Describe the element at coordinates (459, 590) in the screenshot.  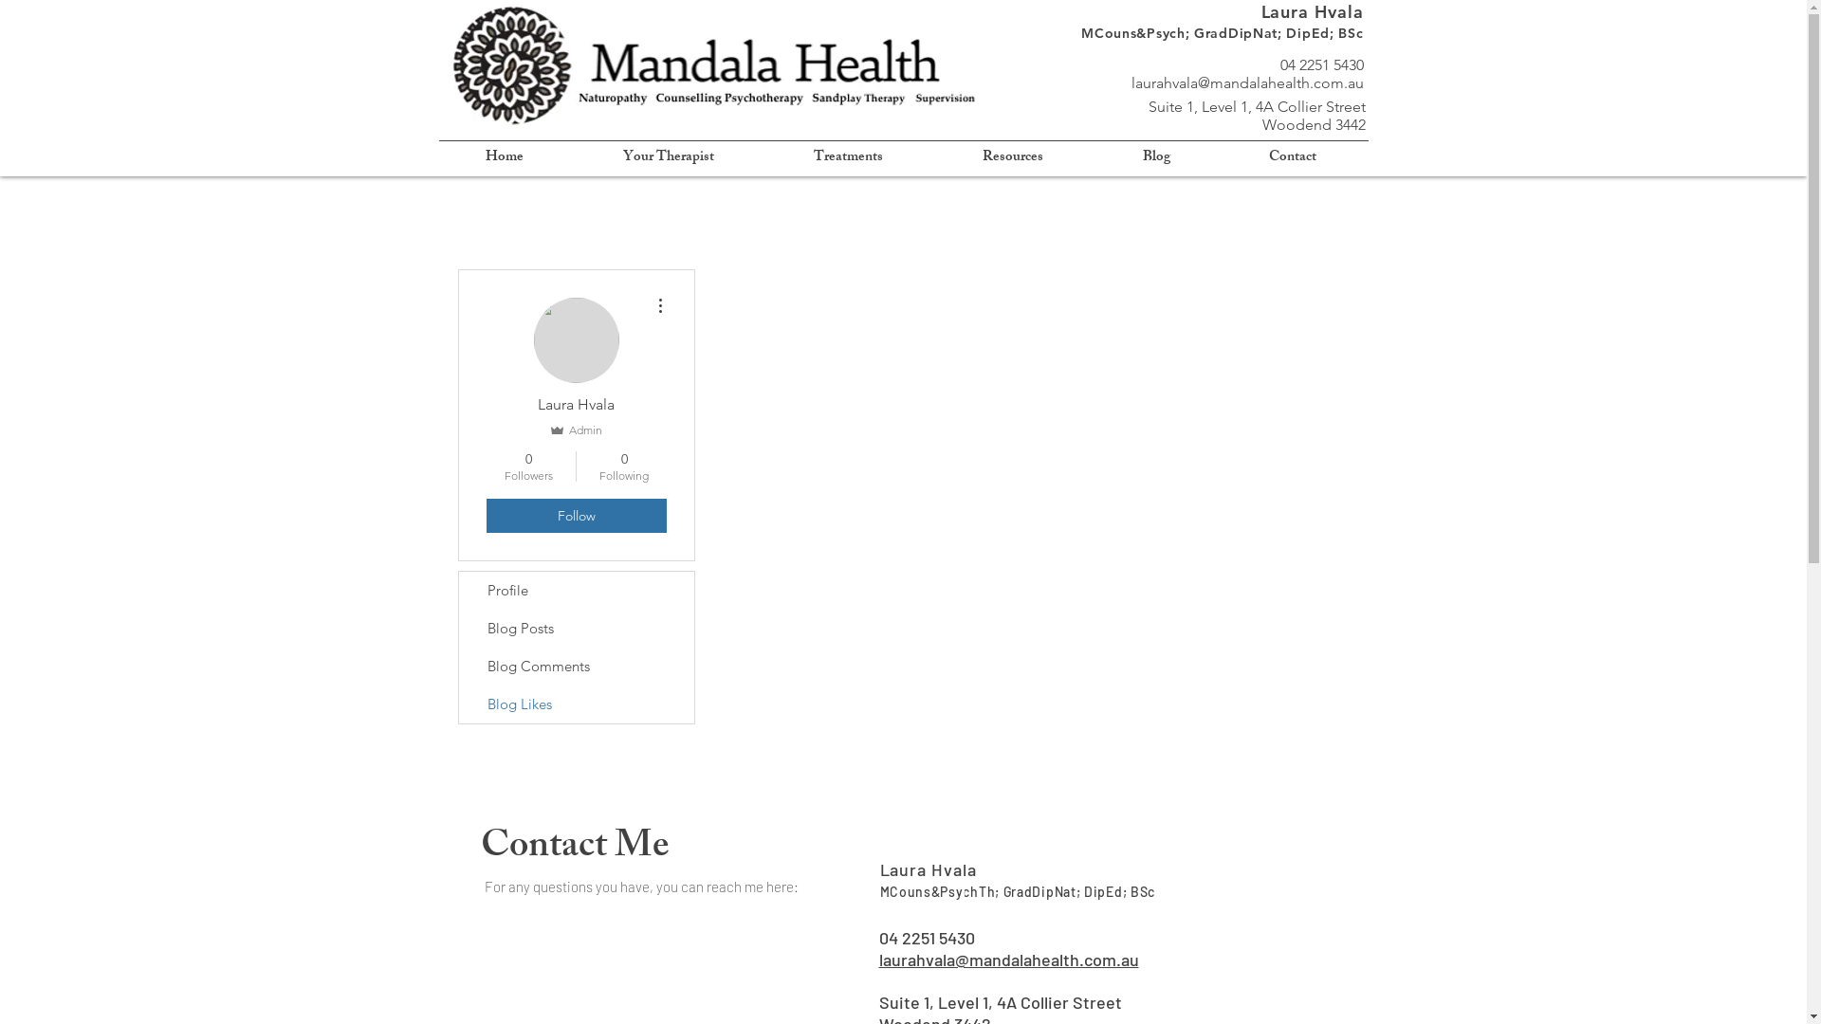
I see `'Profile'` at that location.